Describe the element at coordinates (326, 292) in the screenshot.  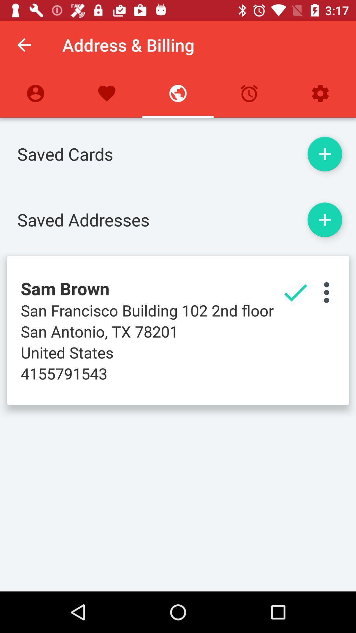
I see `more options` at that location.